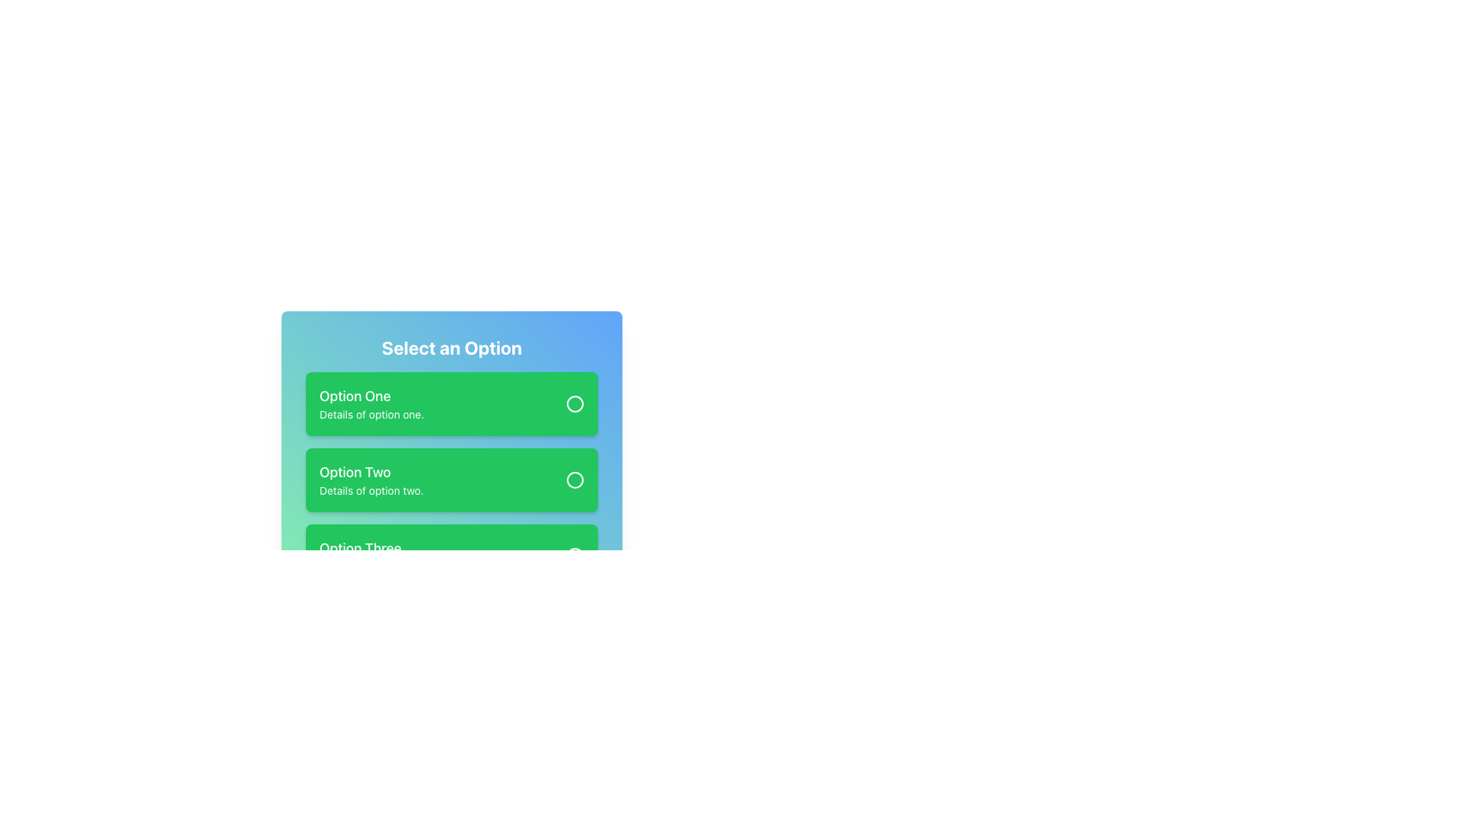 This screenshot has height=822, width=1461. I want to click on the static text label titled 'Option Two', which serves as the main title for the second selectable option in the list, so click(371, 472).